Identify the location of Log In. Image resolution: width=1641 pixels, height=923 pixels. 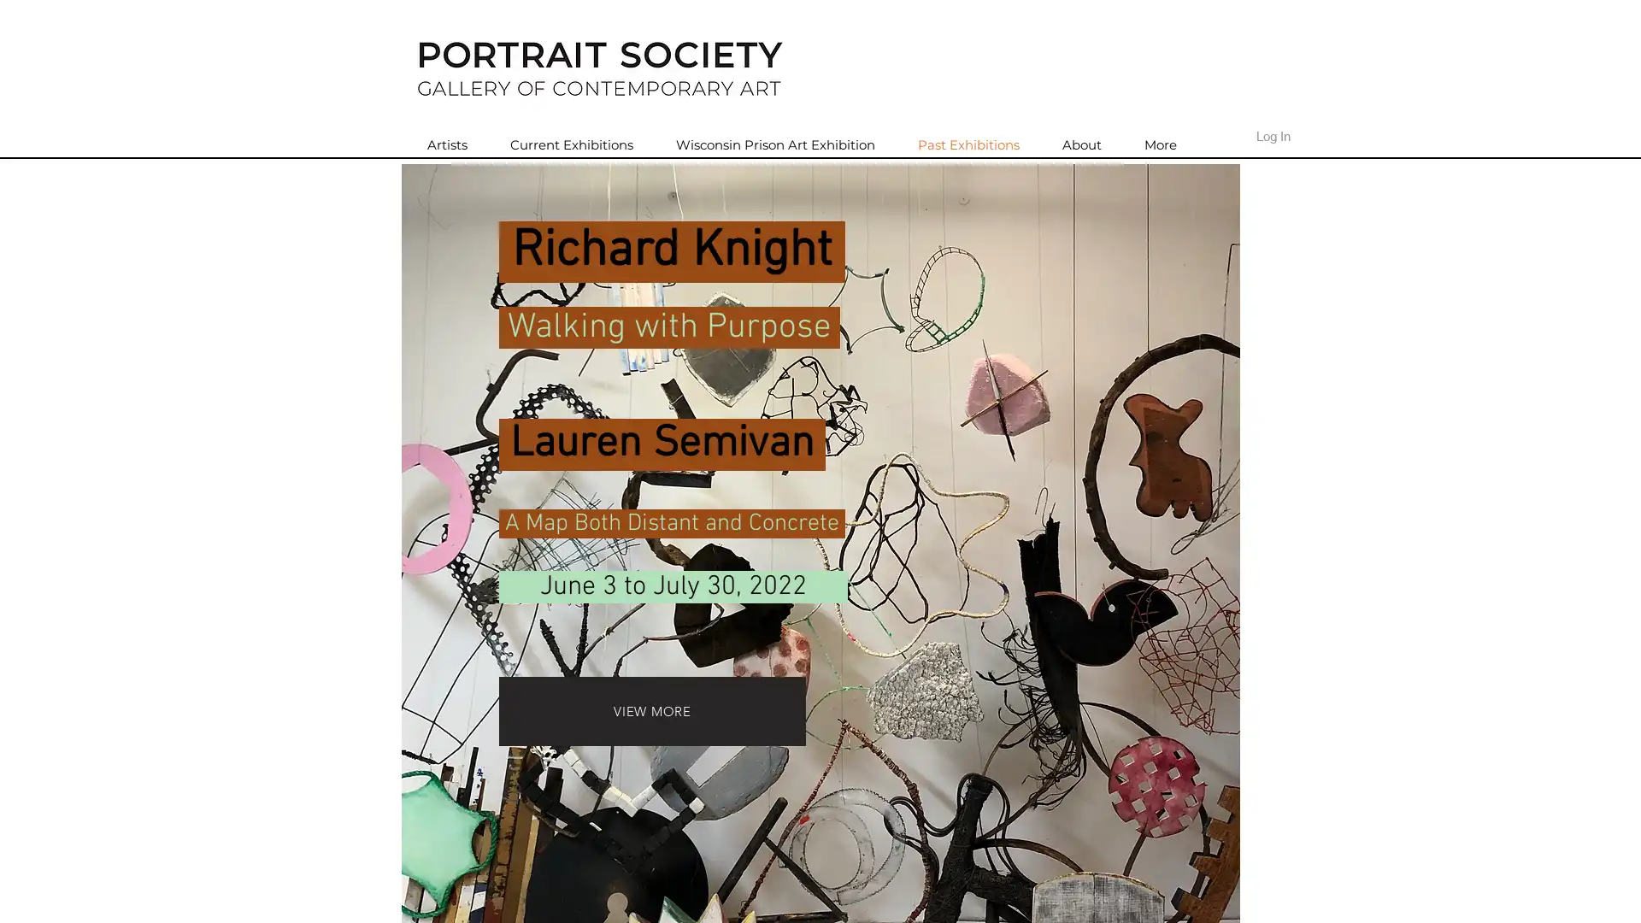
(1273, 135).